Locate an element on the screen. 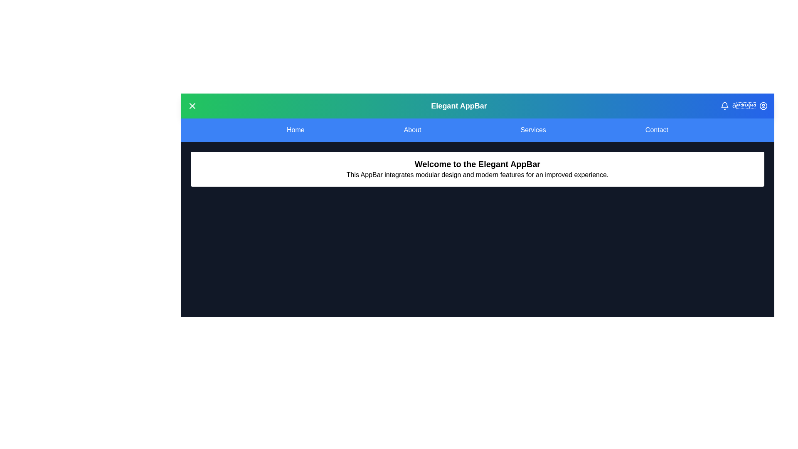 This screenshot has width=798, height=449. the navigation button labeled Contact to navigate to the corresponding section is located at coordinates (656, 130).